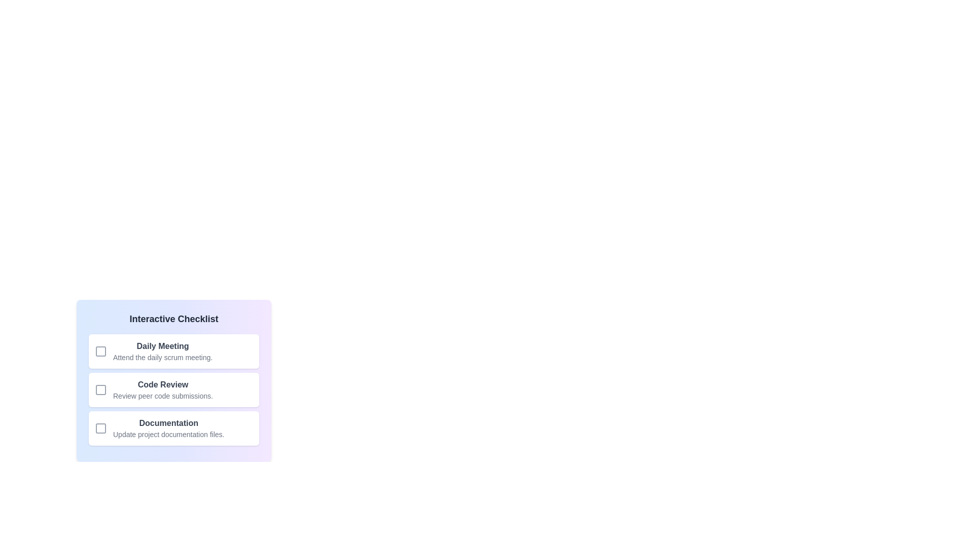  Describe the element at coordinates (100, 389) in the screenshot. I see `the second checkbox to mark or unmark the task 'Code Review' as complete or incomplete` at that location.